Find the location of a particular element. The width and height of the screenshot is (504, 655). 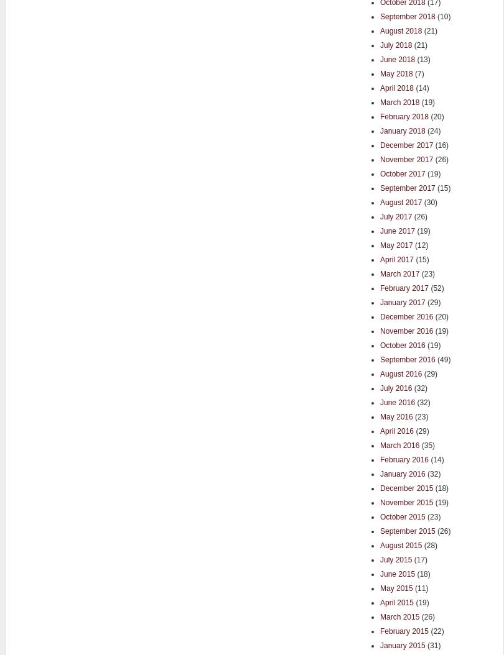

'January 2016' is located at coordinates (402, 474).